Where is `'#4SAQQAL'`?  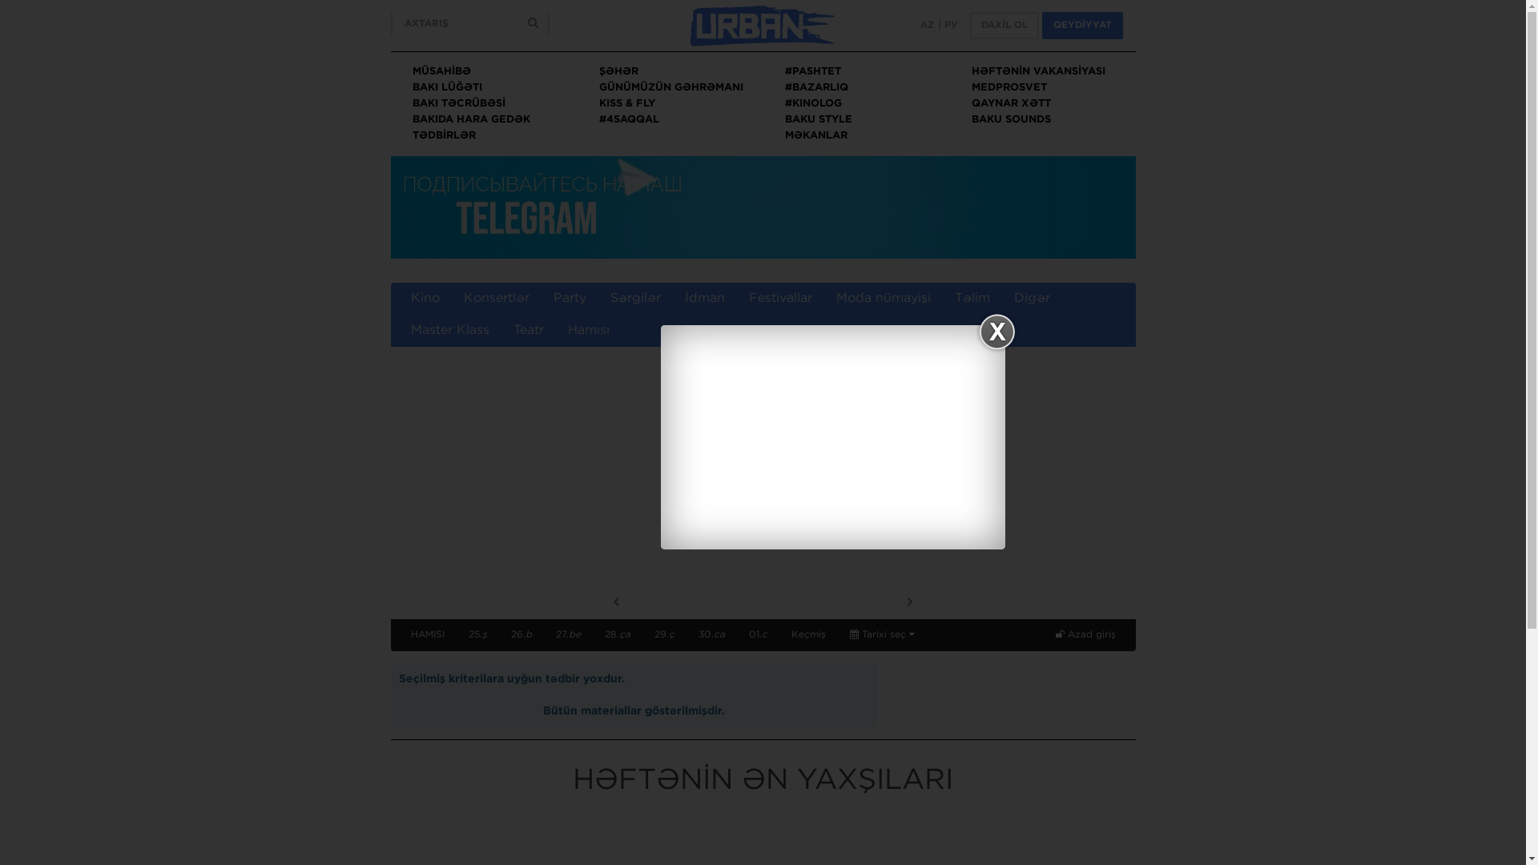 '#4SAQQAL' is located at coordinates (628, 119).